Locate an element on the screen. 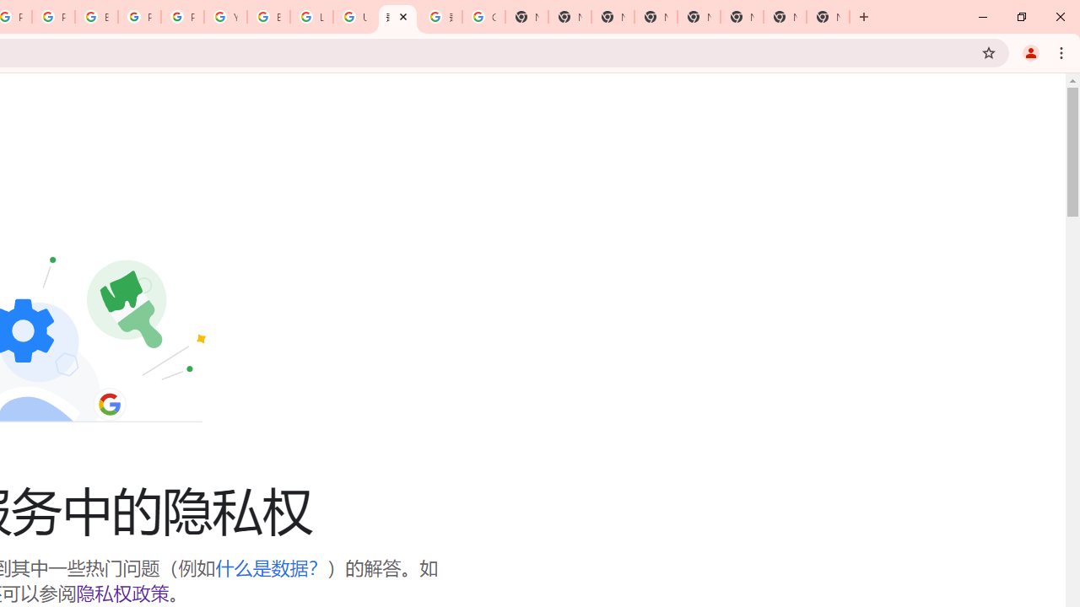 This screenshot has width=1080, height=607. 'Google Images' is located at coordinates (483, 17).